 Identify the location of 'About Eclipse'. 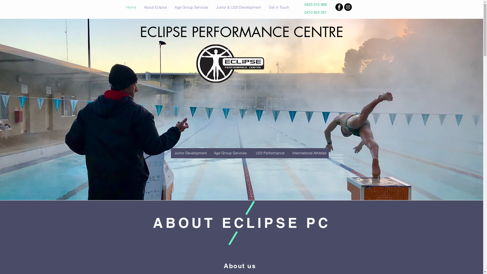
(155, 7).